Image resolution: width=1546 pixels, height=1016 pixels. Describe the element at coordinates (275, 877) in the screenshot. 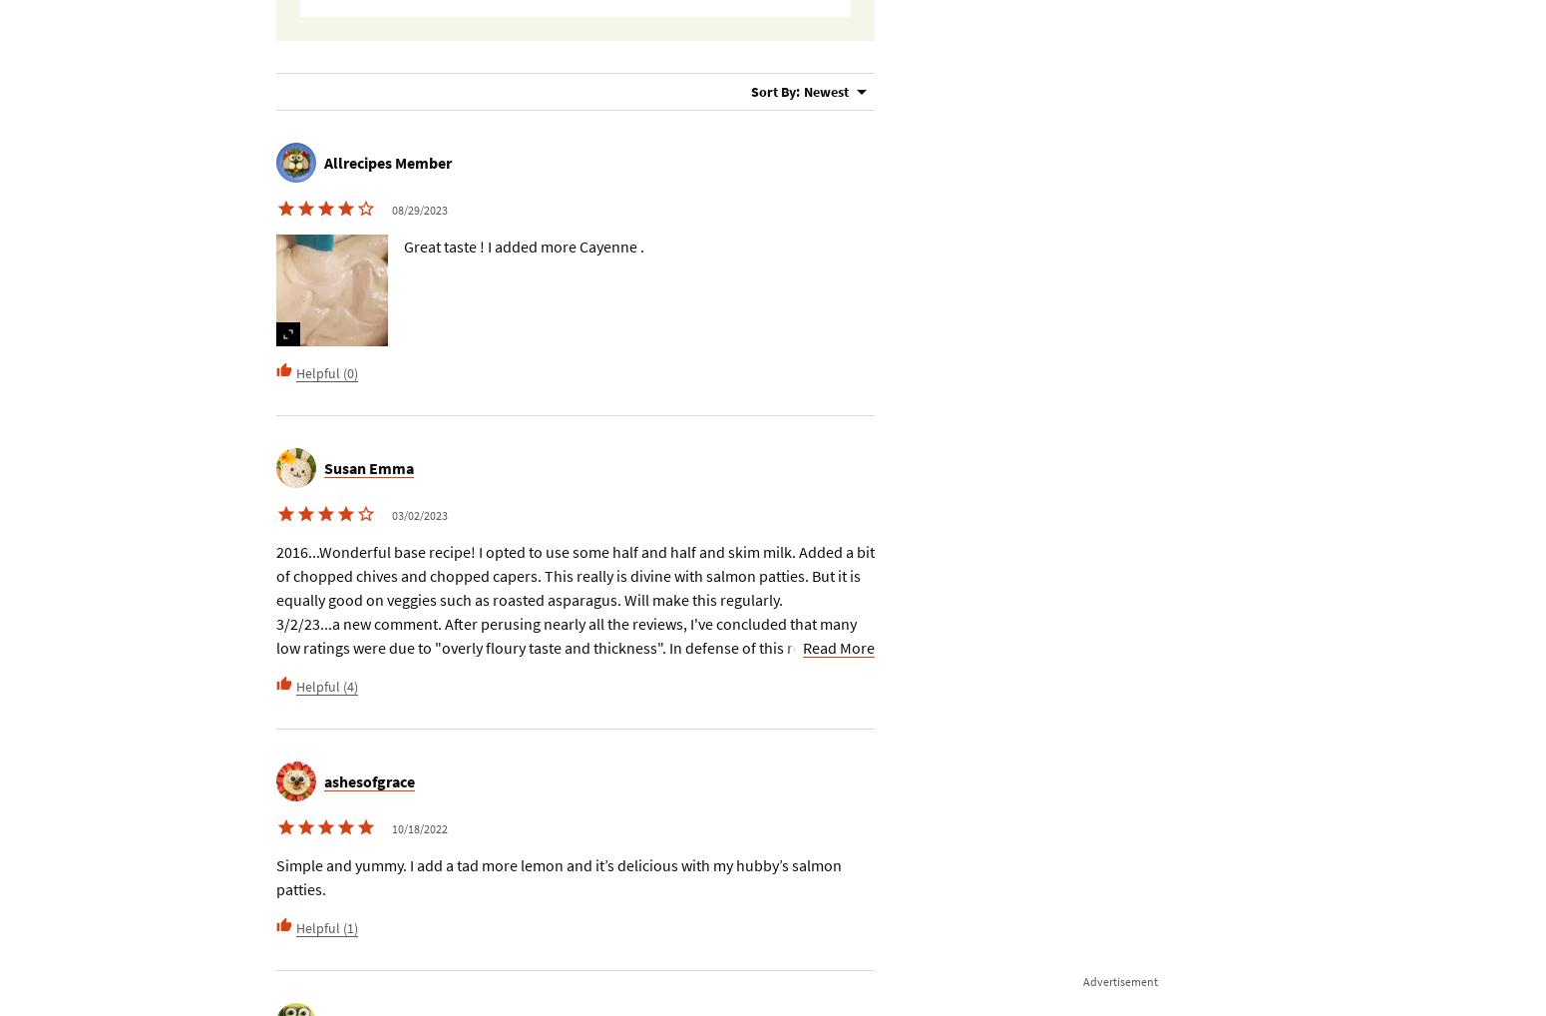

I see `'Simple and yummy. I add a tad more lemon and it’s delicious with my hubby’s salmon patties.'` at that location.